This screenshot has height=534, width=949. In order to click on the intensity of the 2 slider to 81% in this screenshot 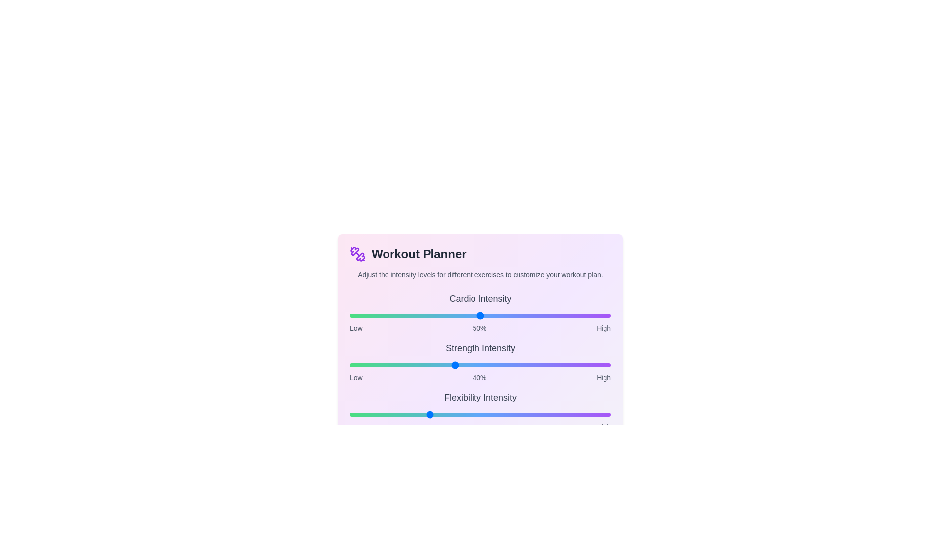, I will do `click(561, 415)`.